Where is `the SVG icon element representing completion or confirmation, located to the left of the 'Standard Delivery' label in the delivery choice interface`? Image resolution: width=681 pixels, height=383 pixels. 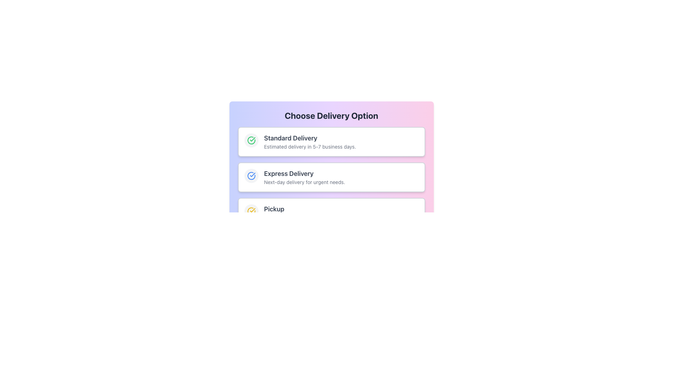 the SVG icon element representing completion or confirmation, located to the left of the 'Standard Delivery' label in the delivery choice interface is located at coordinates (251, 140).